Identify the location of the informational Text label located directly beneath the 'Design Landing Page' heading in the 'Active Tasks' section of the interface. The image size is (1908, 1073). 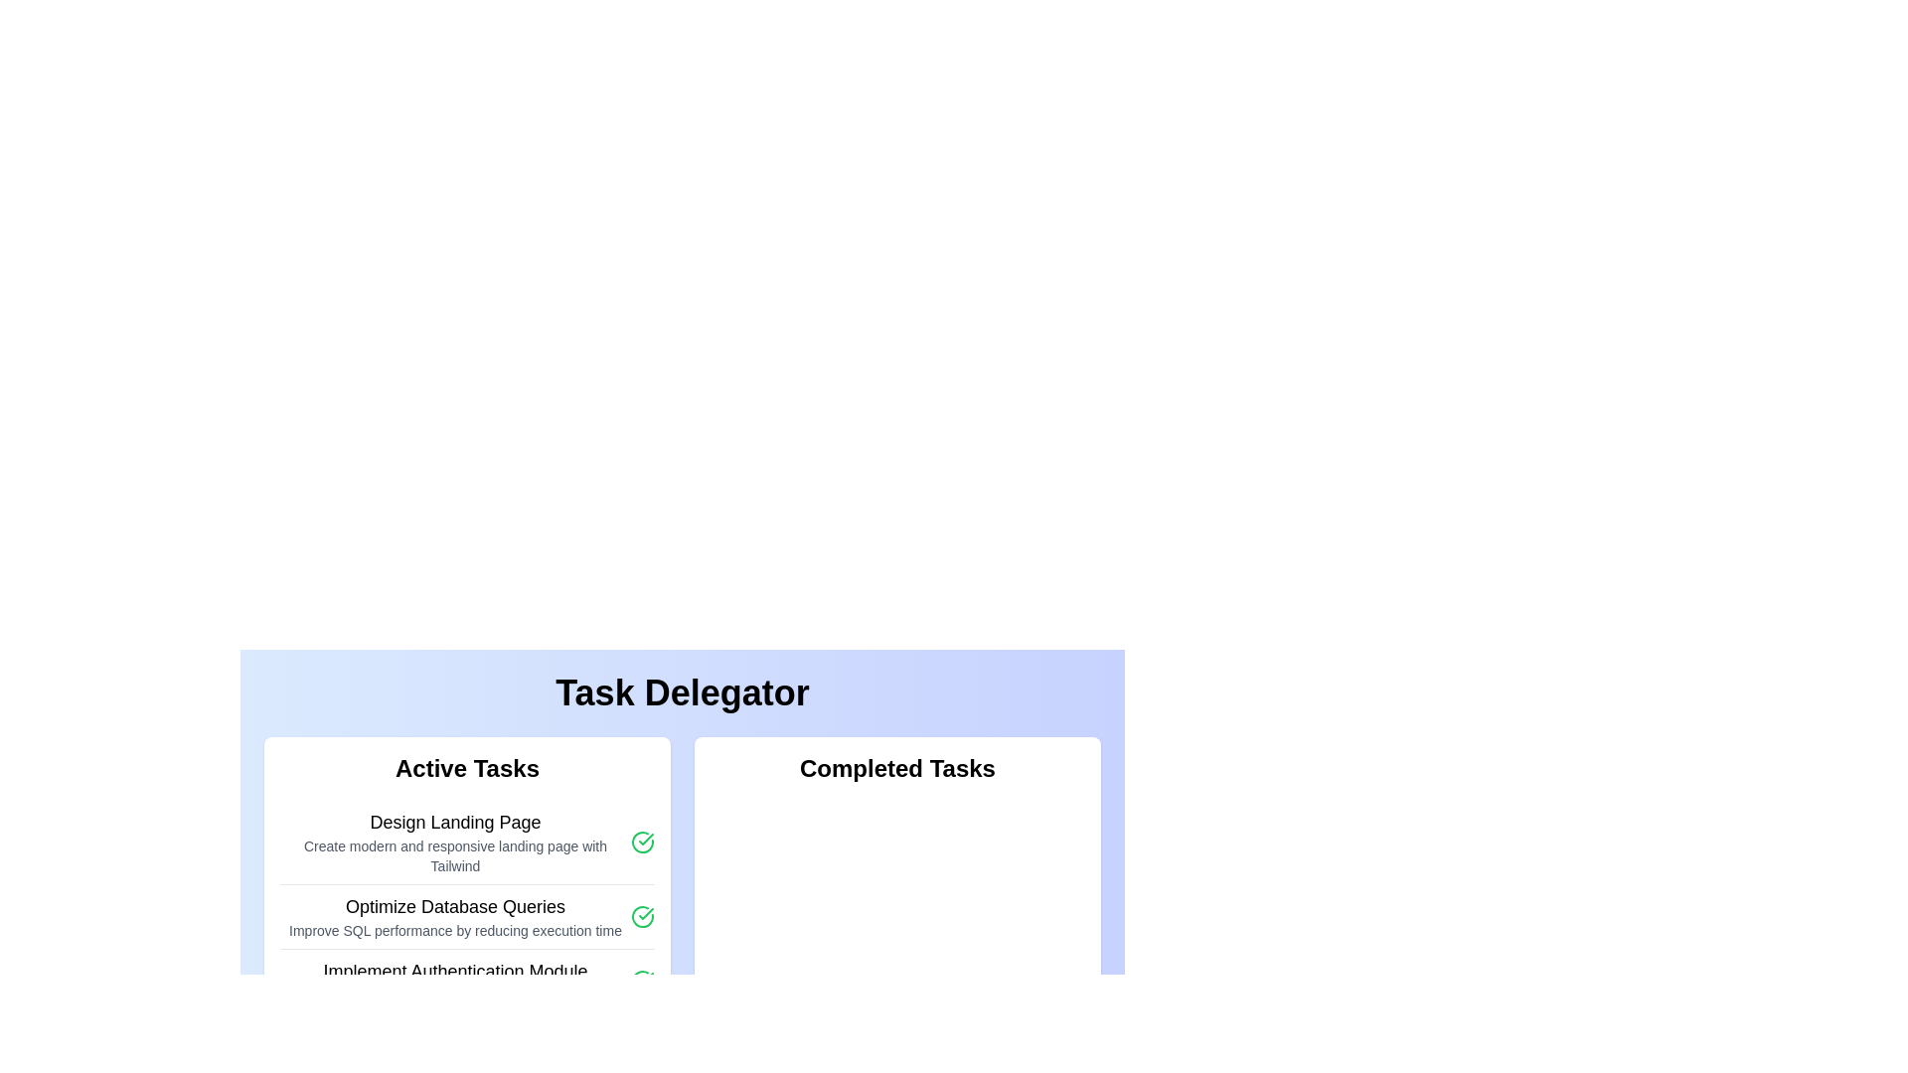
(454, 854).